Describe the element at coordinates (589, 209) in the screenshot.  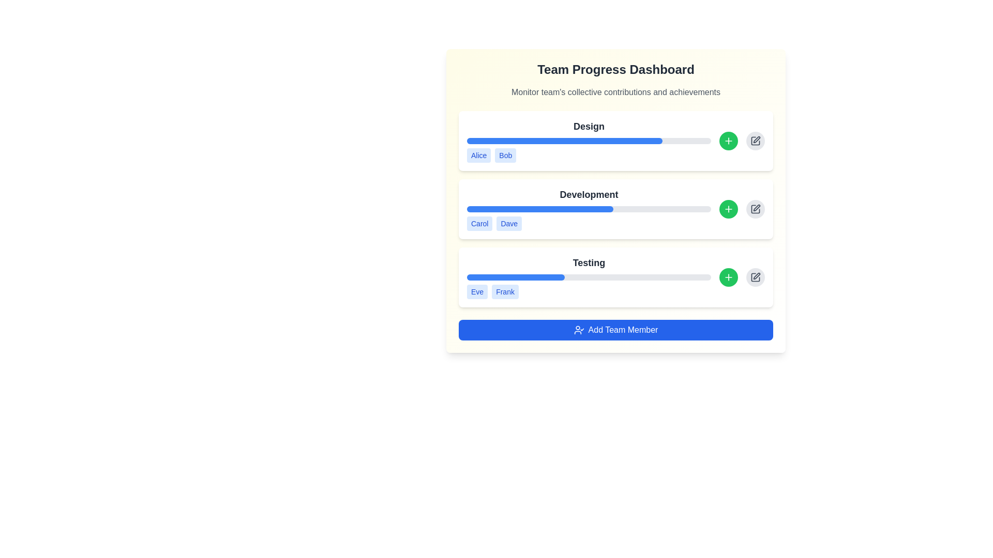
I see `the horizontal progress bar indicating 60% progress, located below the 'Development' heading and above the labels 'Carol' and 'Dave'` at that location.